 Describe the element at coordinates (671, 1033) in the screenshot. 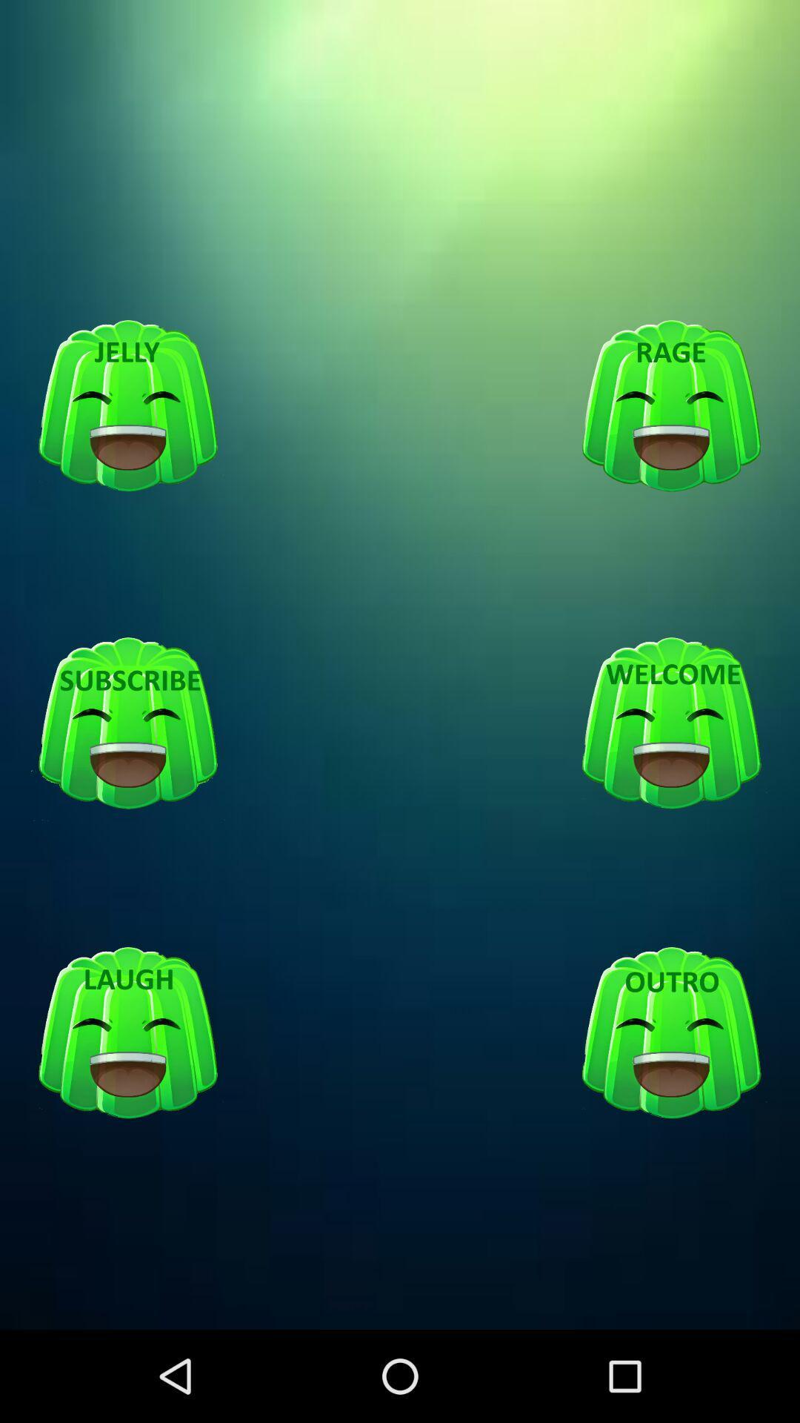

I see `outro icon` at that location.